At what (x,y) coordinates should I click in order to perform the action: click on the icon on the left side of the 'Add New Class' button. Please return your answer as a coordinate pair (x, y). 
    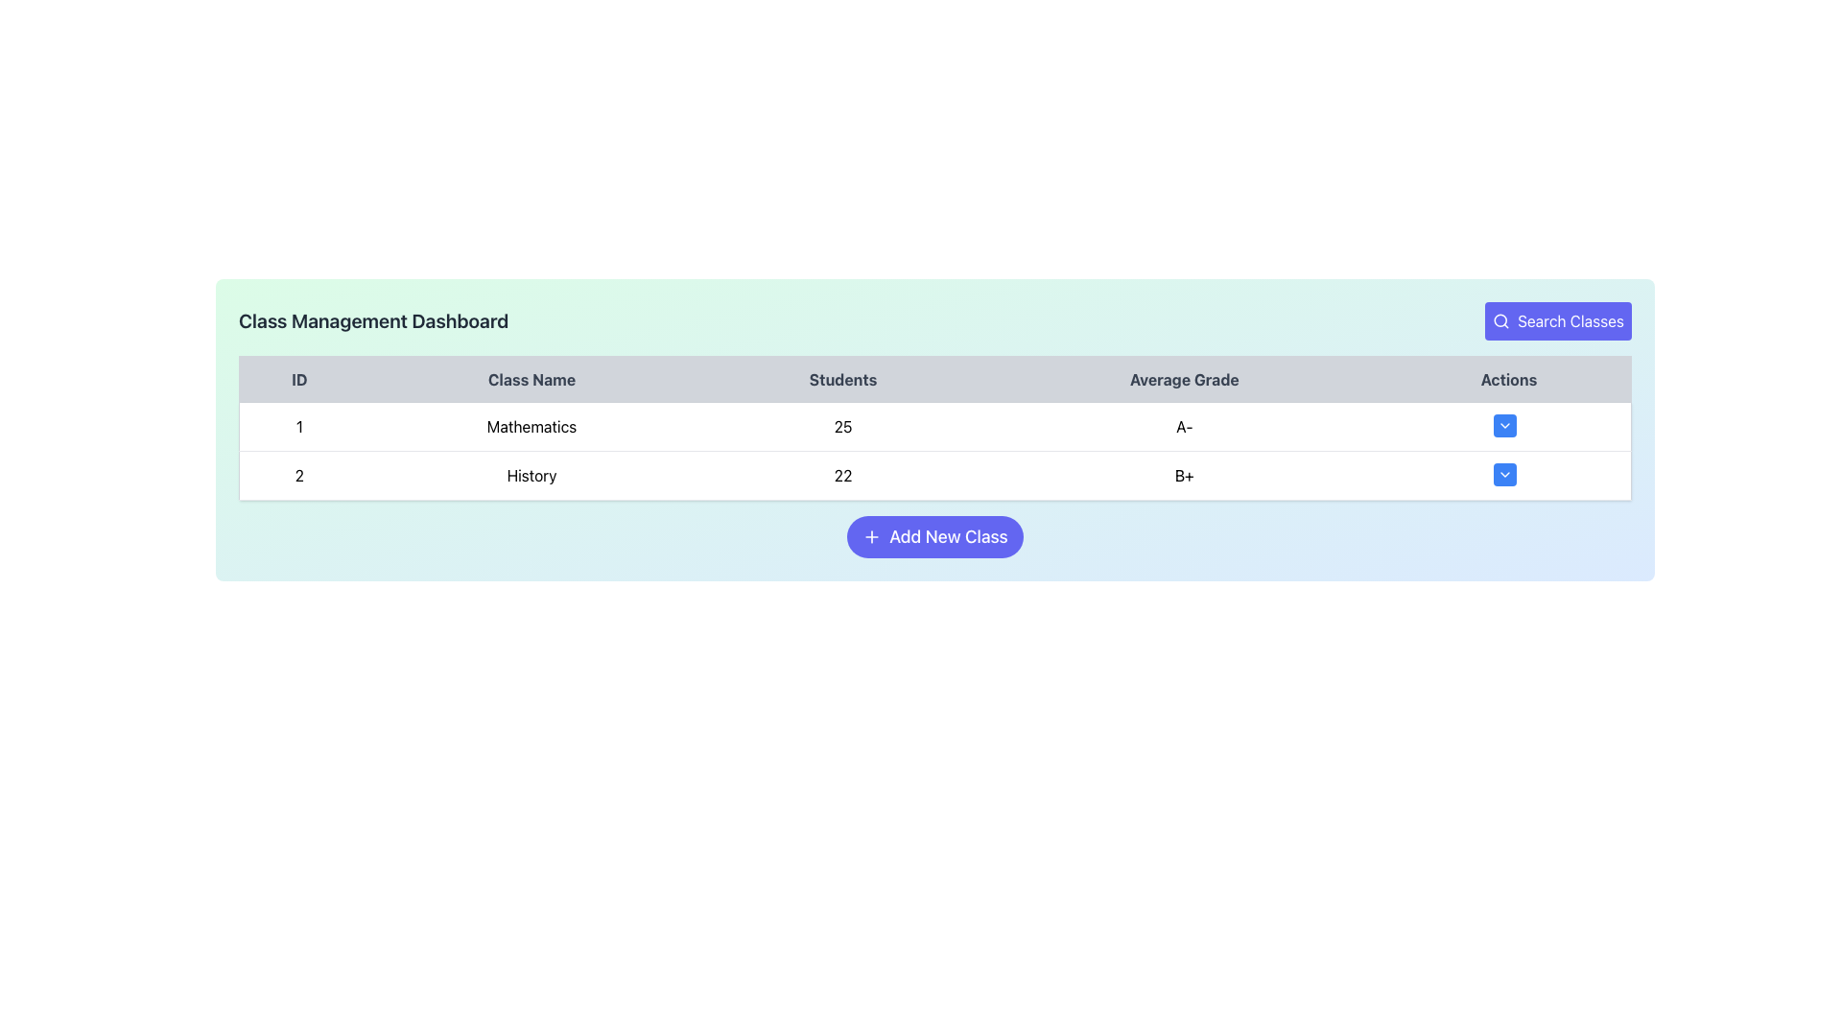
    Looking at the image, I should click on (870, 536).